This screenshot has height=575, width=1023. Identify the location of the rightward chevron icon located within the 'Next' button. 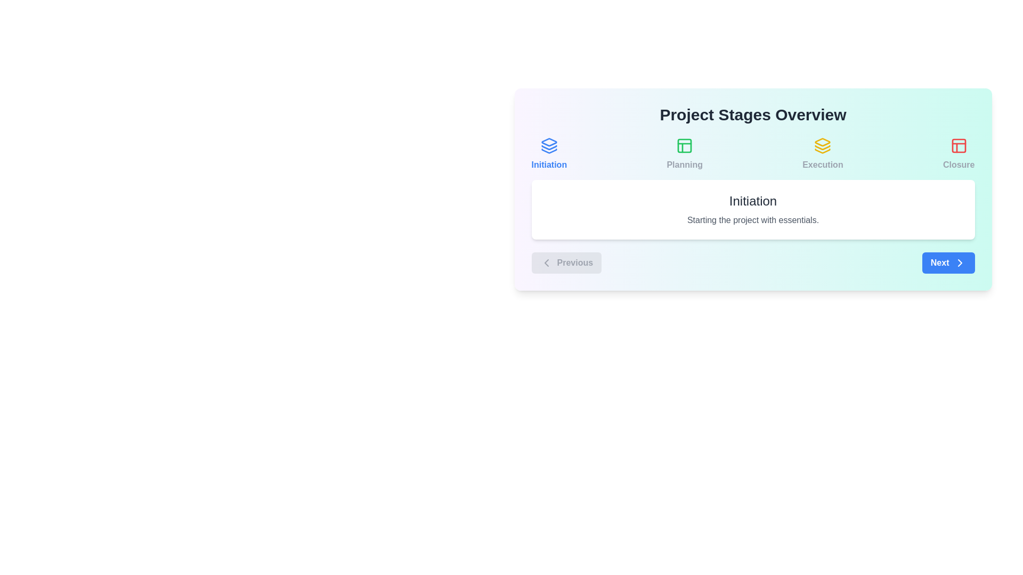
(960, 262).